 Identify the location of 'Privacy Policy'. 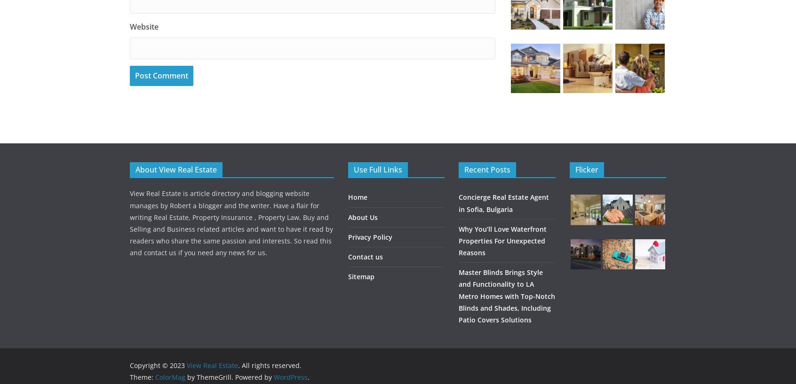
(369, 236).